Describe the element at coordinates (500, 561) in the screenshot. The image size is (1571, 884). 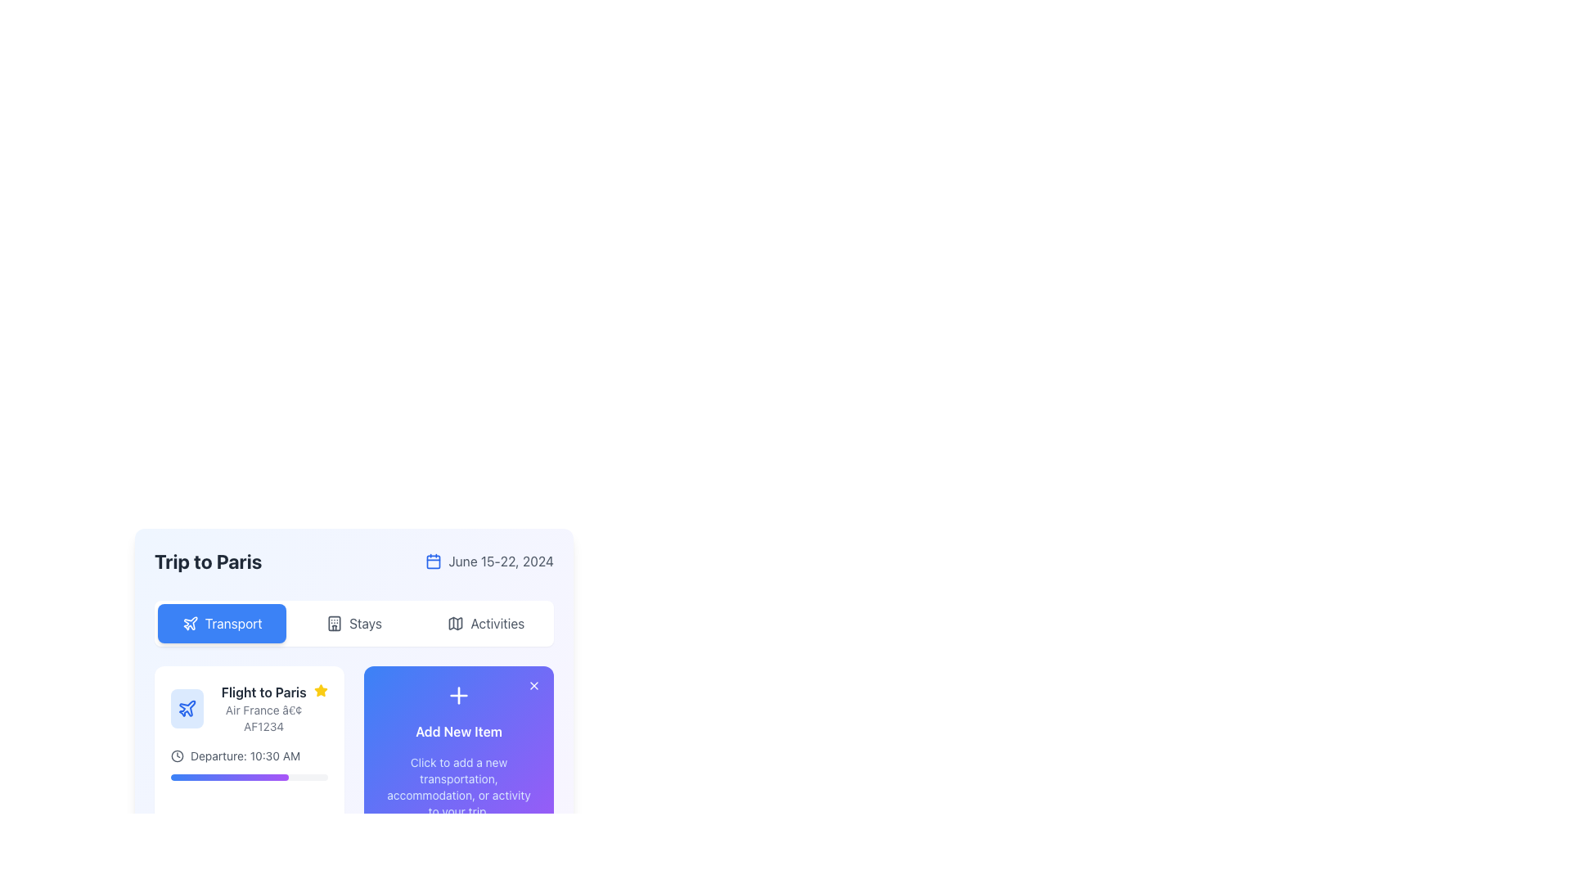
I see `the Text label displaying the date range of the event 'Trip to Paris', located in the upper-right section of the interface` at that location.